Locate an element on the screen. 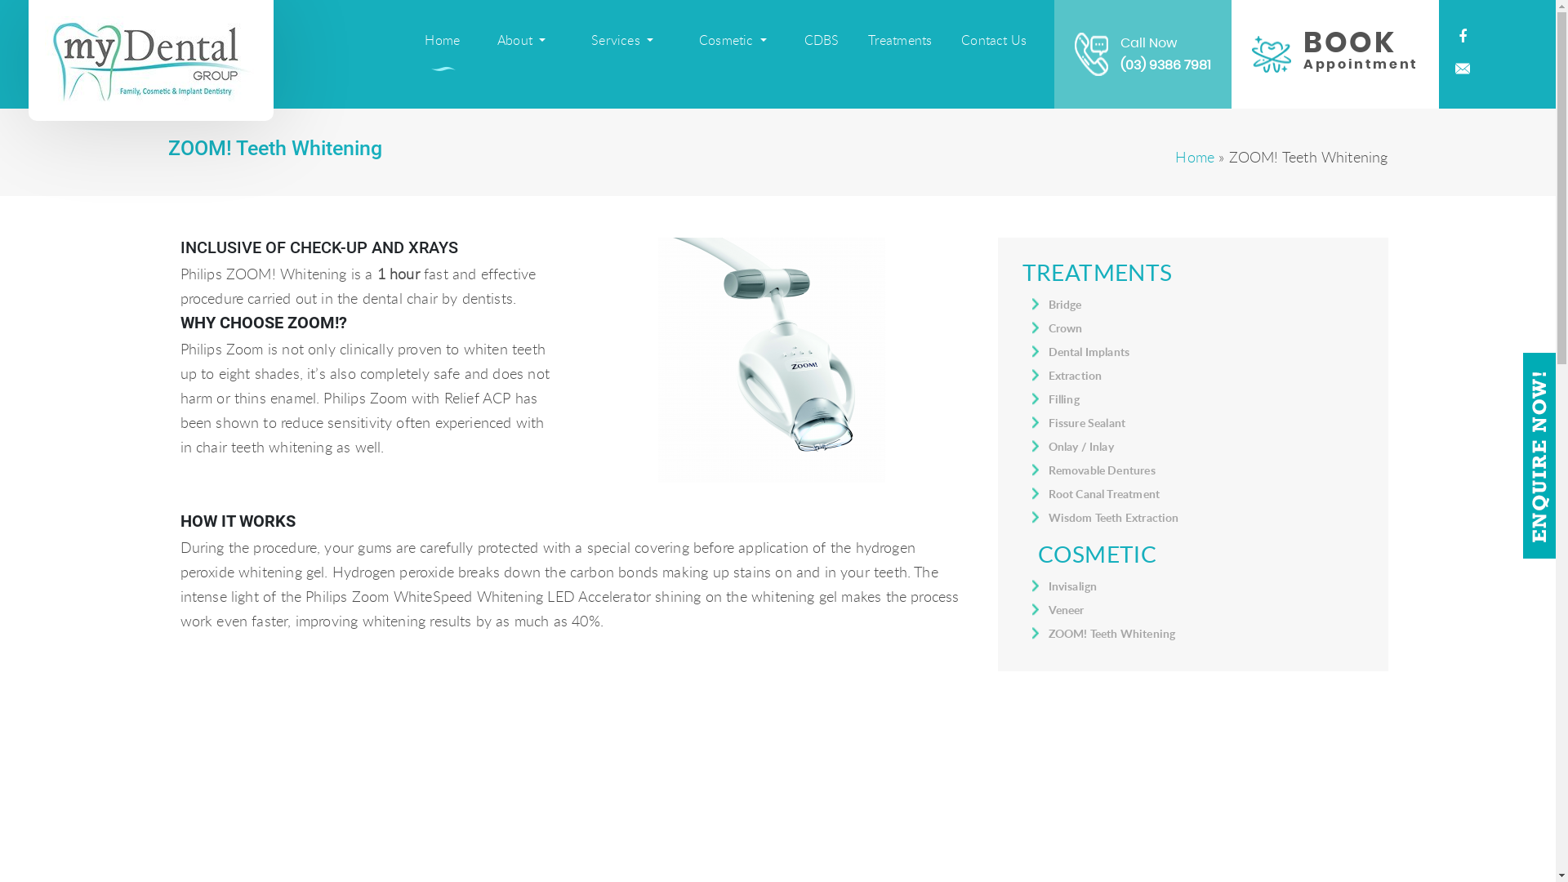 This screenshot has width=1568, height=882. 'Treatments' is located at coordinates (899, 39).